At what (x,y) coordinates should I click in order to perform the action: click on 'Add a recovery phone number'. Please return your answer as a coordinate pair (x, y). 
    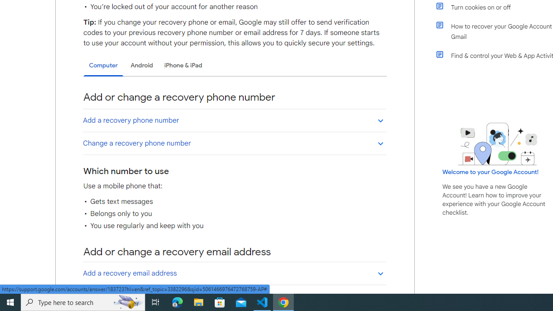
    Looking at the image, I should click on (234, 120).